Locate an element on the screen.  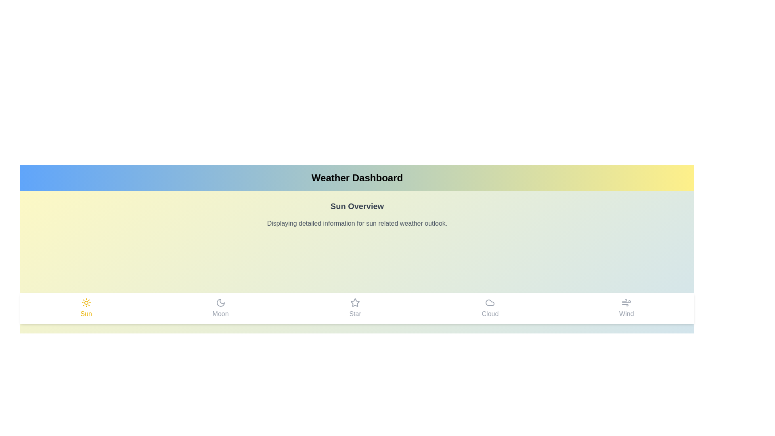
the Sun tab in the navigation bar is located at coordinates (86, 308).